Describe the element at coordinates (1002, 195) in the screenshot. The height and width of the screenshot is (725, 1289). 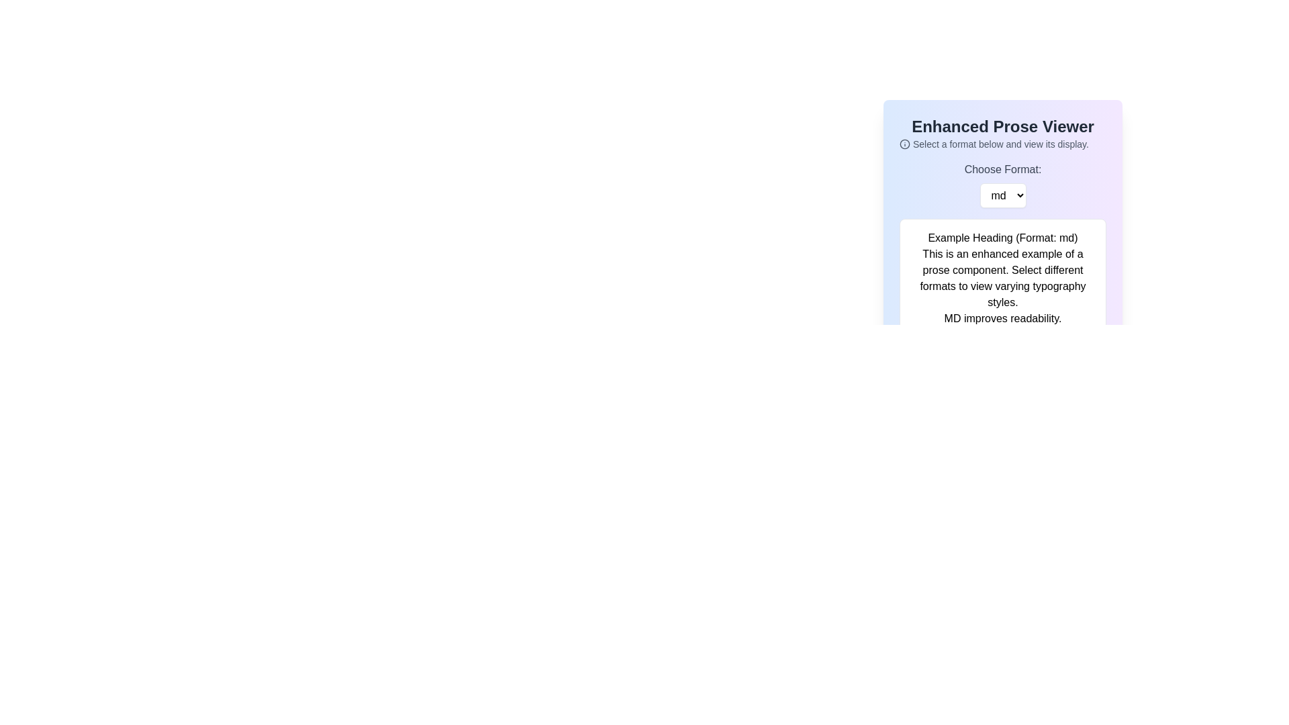
I see `the dropdown menu located beneath the text 'Choose Format:' in the 'Enhanced Prose Viewer' section` at that location.